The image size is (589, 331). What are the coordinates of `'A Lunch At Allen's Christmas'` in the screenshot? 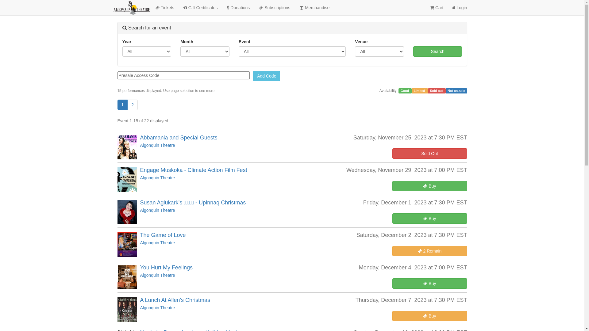 It's located at (175, 300).